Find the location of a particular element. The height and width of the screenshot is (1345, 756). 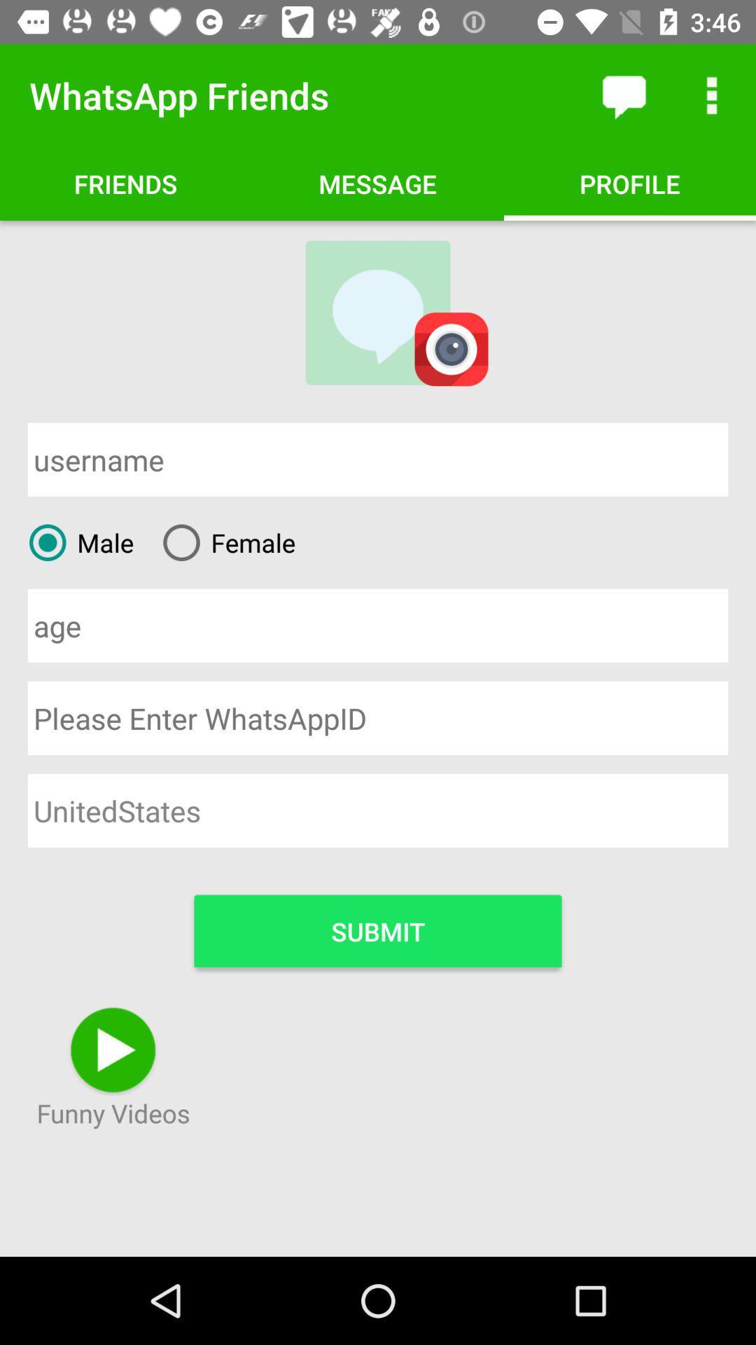

the item above the profile icon is located at coordinates (712, 95).